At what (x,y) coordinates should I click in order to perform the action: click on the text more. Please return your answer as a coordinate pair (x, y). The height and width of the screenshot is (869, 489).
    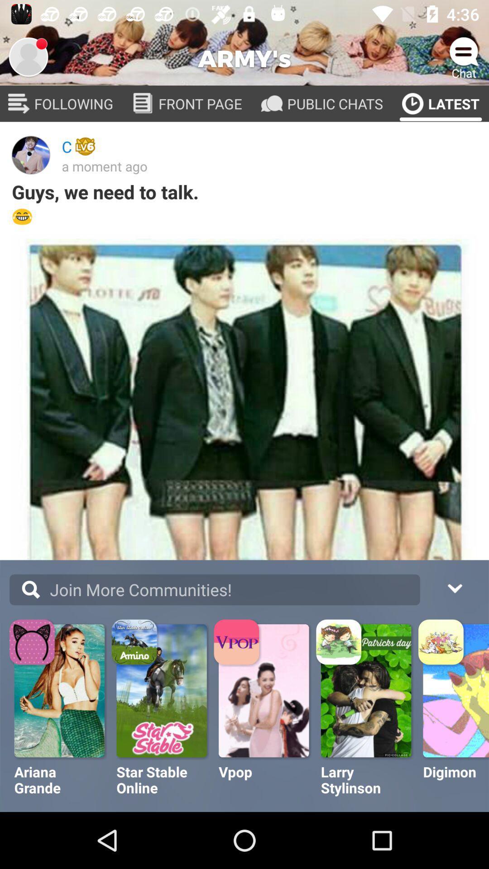
    Looking at the image, I should click on (110, 596).